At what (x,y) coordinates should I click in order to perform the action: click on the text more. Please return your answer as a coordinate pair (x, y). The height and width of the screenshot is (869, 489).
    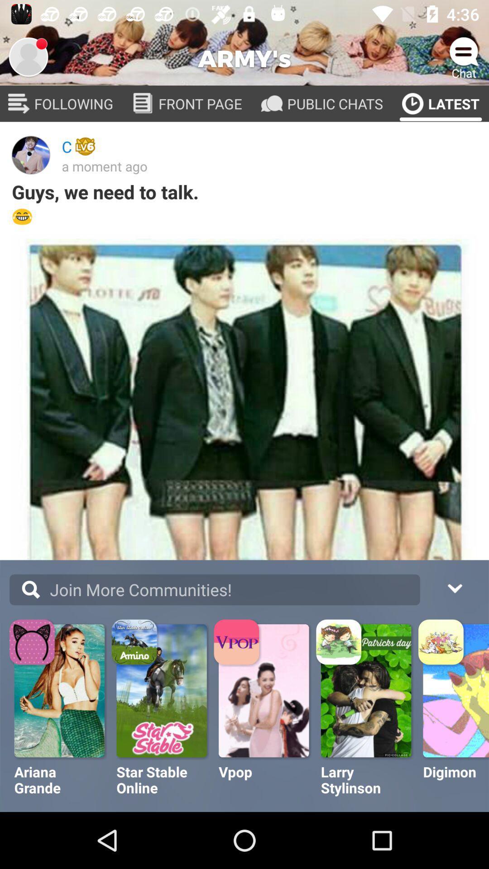
    Looking at the image, I should click on (110, 596).